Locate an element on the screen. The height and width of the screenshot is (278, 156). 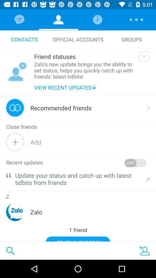
the next button beside recommended friends is located at coordinates (148, 107).